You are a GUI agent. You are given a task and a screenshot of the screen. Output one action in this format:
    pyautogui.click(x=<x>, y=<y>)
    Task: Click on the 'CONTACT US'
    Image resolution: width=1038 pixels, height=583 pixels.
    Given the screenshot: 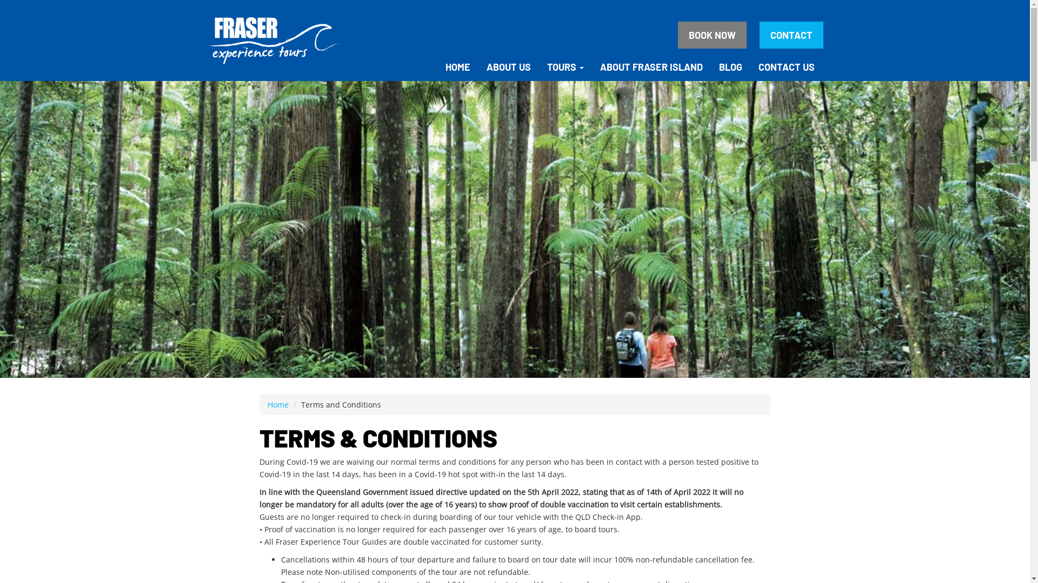 What is the action you would take?
    pyautogui.click(x=749, y=66)
    